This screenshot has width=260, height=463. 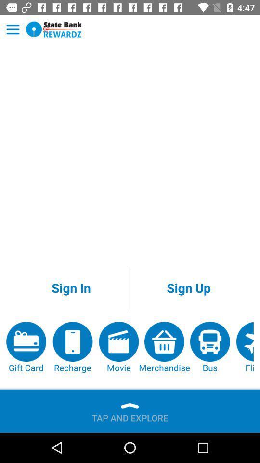 What do you see at coordinates (26, 347) in the screenshot?
I see `gift card icon` at bounding box center [26, 347].